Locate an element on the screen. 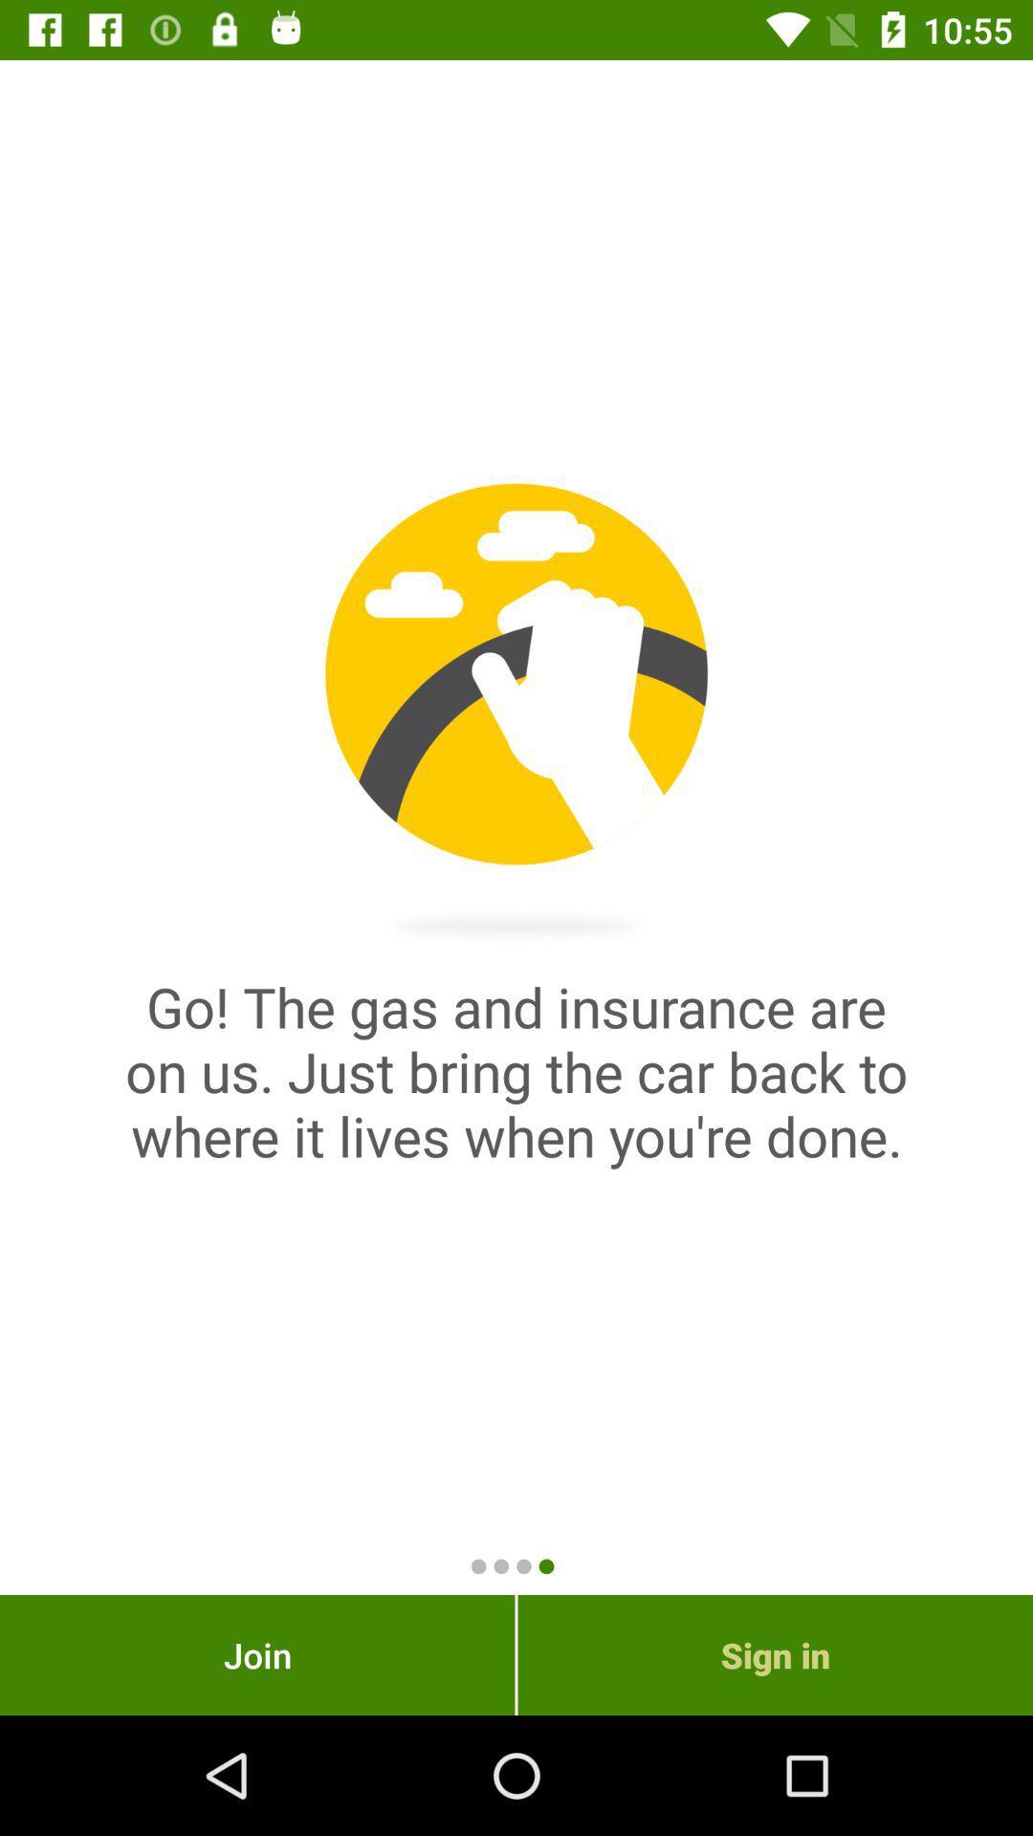 Image resolution: width=1033 pixels, height=1836 pixels. join is located at coordinates (256, 1654).